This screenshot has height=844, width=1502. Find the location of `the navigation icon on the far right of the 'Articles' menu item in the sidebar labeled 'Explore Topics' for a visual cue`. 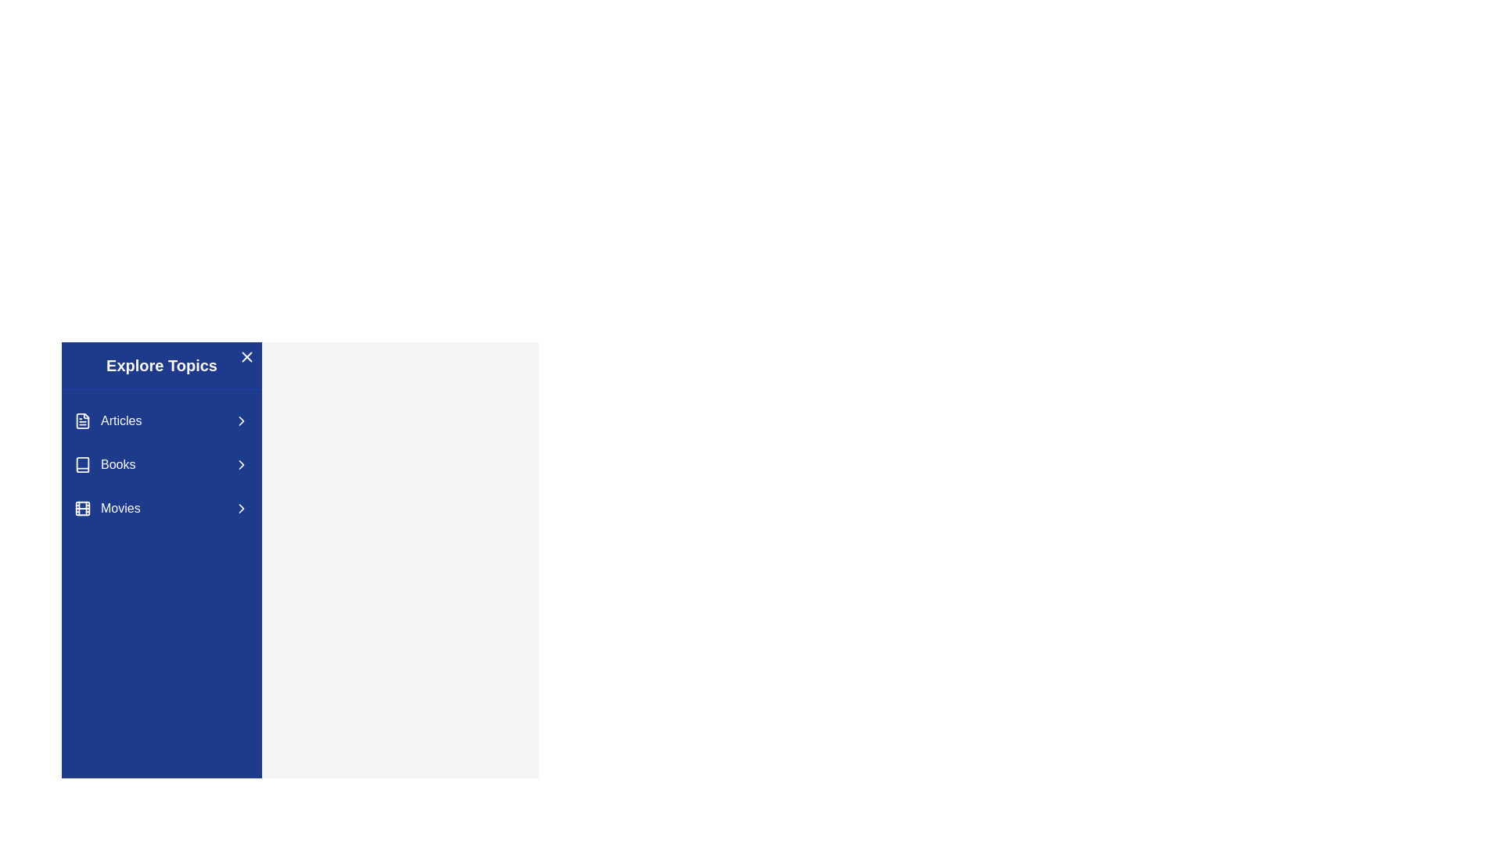

the navigation icon on the far right of the 'Articles' menu item in the sidebar labeled 'Explore Topics' for a visual cue is located at coordinates (240, 420).